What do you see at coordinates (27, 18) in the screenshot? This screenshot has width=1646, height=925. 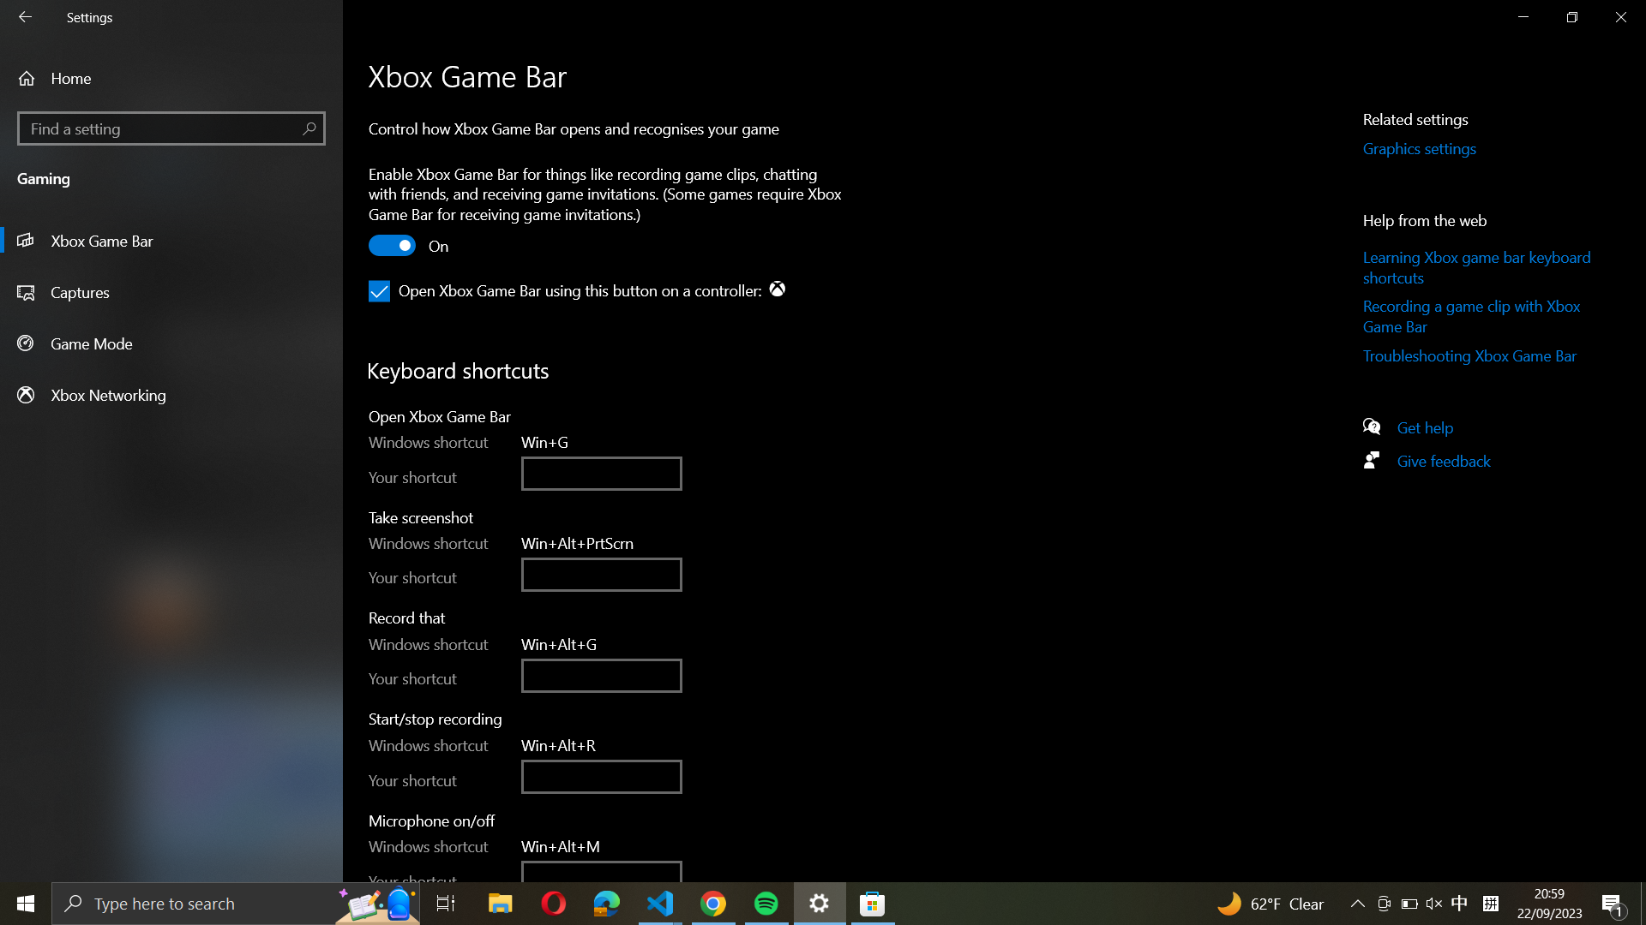 I see `Execute a backward navigation to the former settings page using the back arrow` at bounding box center [27, 18].